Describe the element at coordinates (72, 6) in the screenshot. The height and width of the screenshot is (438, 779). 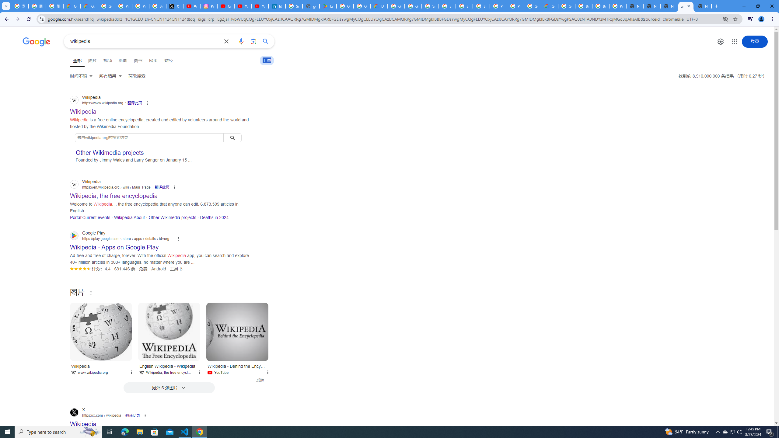
I see `'Google Cloud Privacy Notice'` at that location.